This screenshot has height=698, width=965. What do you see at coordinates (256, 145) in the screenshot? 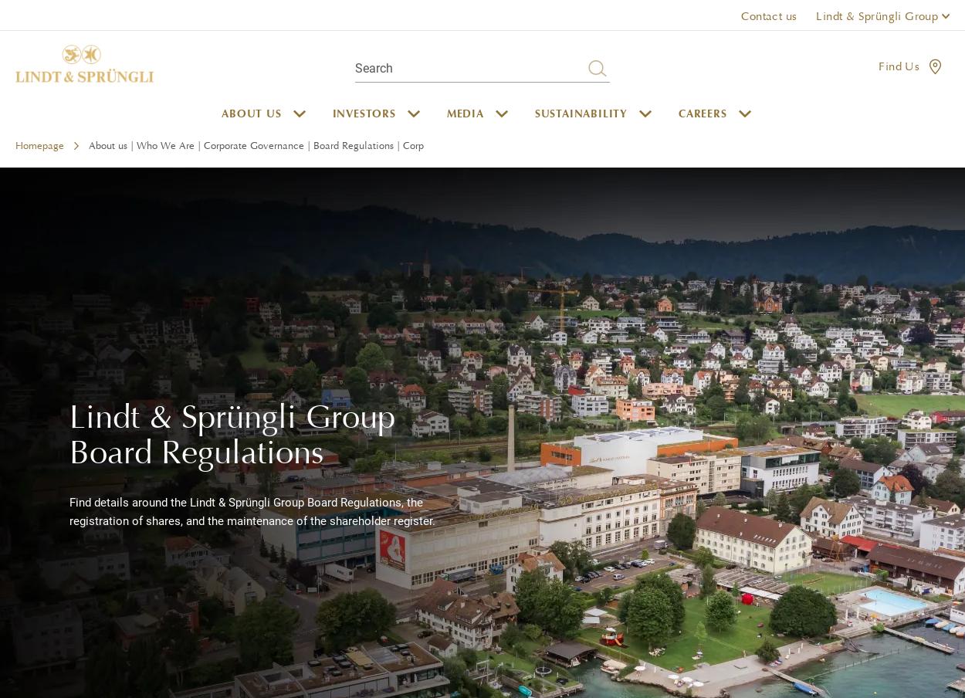
I see `'About us | Who We Are | Corporate Governance | Board Regulations | Corp'` at bounding box center [256, 145].